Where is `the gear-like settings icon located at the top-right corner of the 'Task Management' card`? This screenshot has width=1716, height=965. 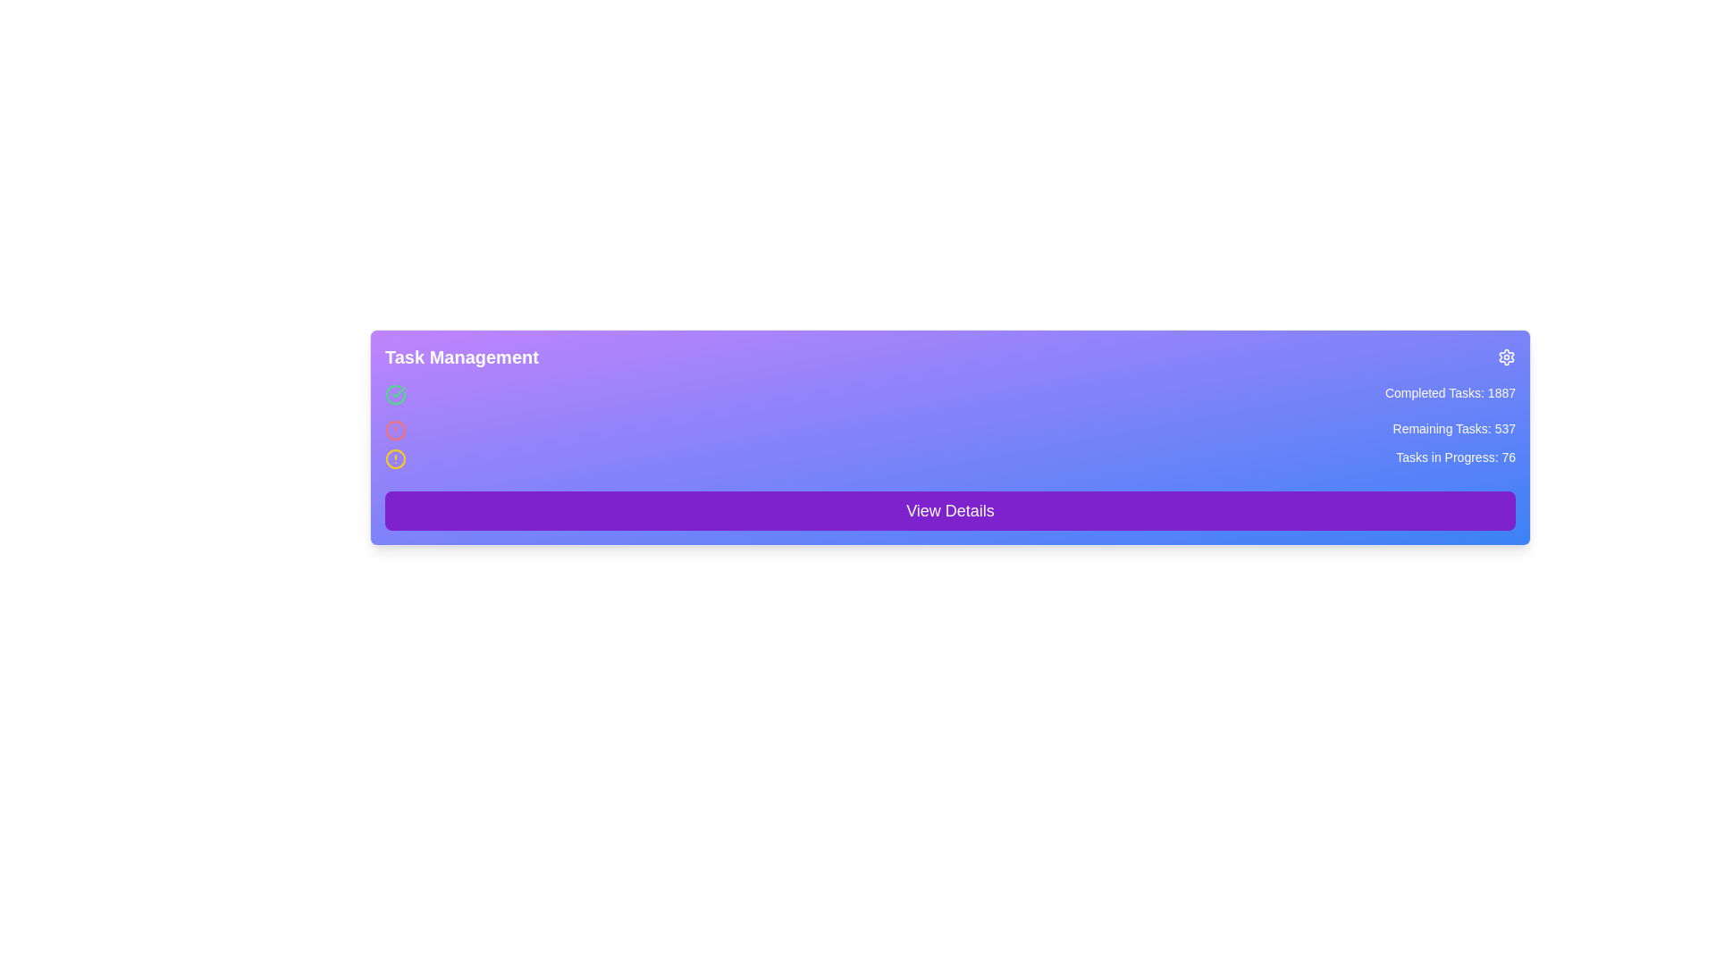 the gear-like settings icon located at the top-right corner of the 'Task Management' card is located at coordinates (1505, 357).